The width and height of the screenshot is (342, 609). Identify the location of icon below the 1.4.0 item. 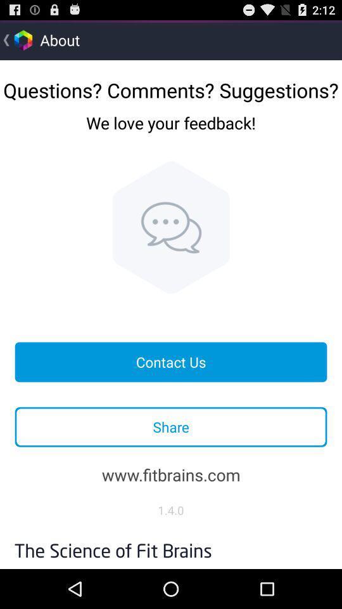
(171, 547).